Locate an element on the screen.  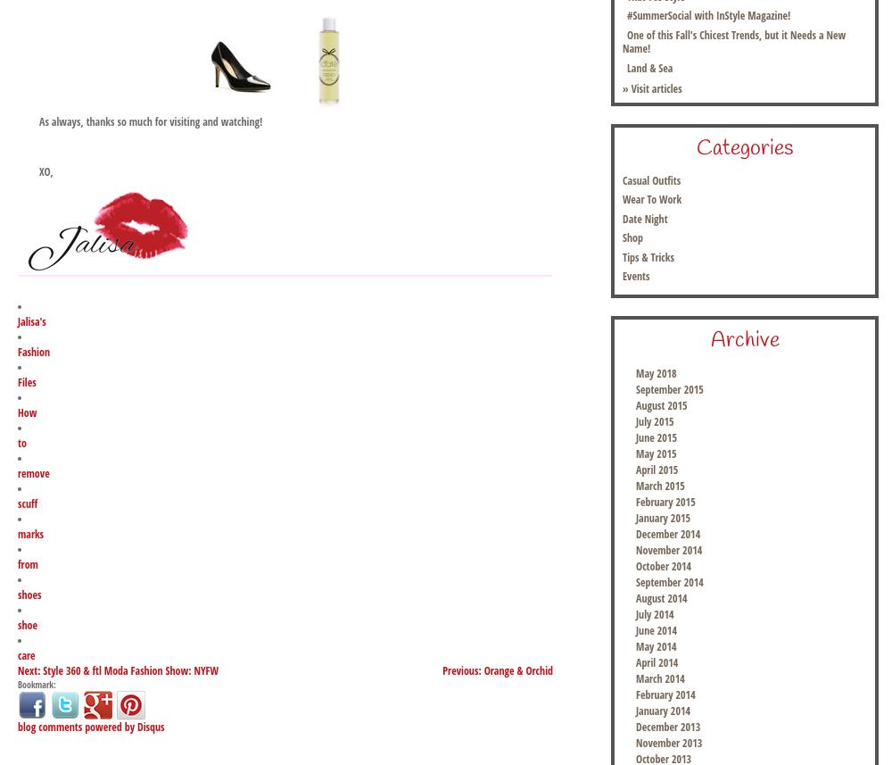
'March 2015' is located at coordinates (659, 485).